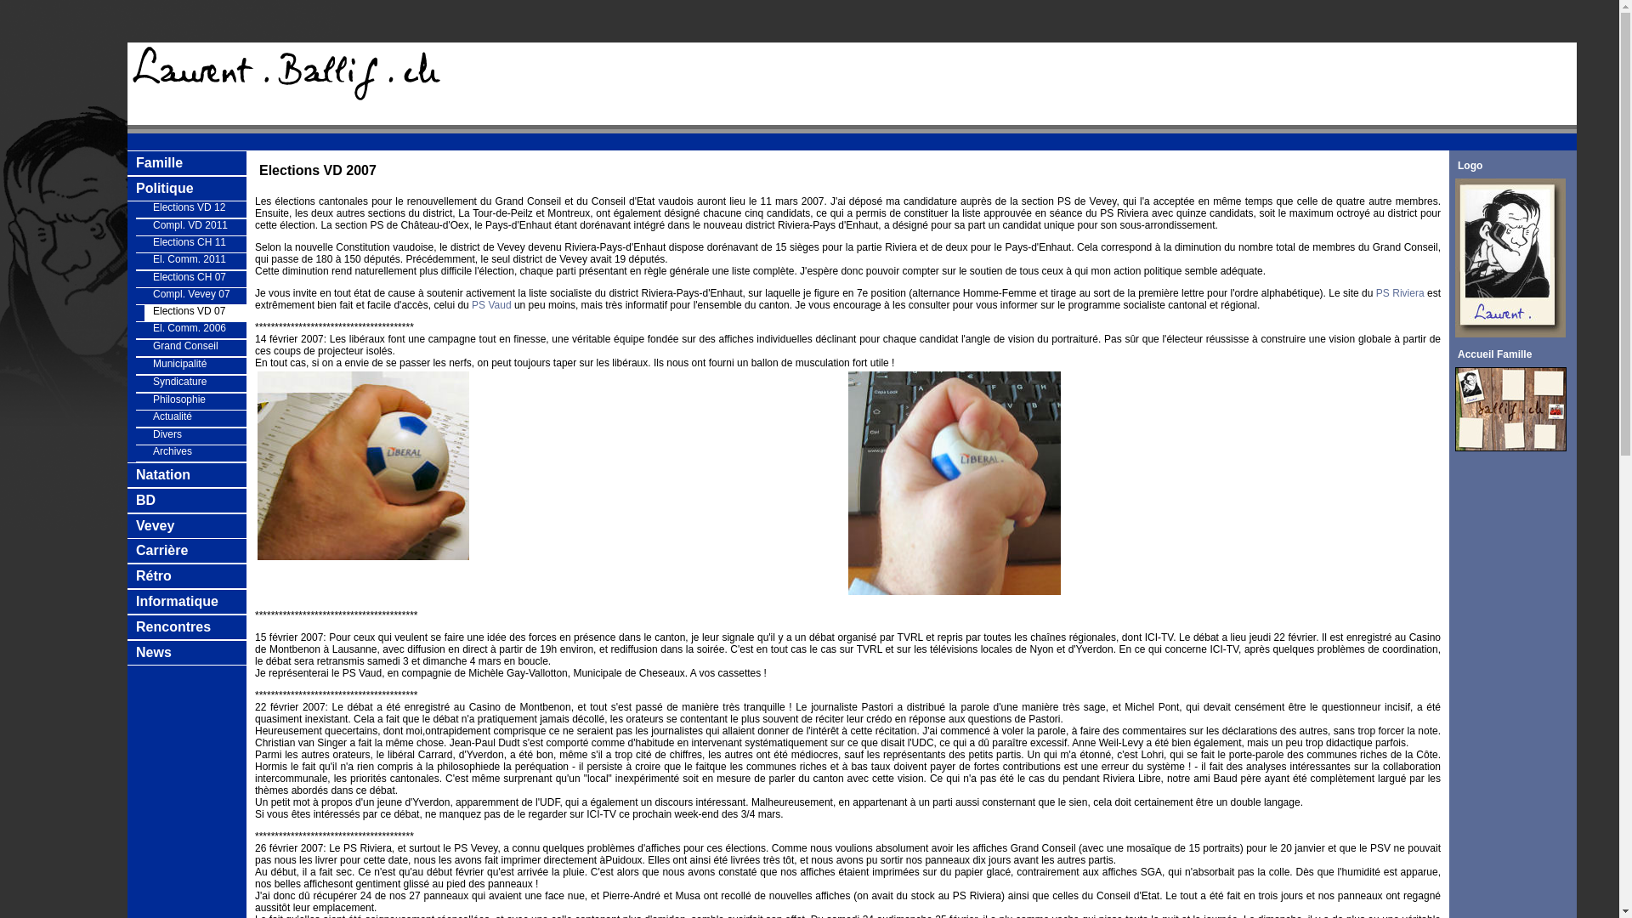 This screenshot has height=918, width=1632. Describe the element at coordinates (198, 399) in the screenshot. I see `'Philosophie'` at that location.